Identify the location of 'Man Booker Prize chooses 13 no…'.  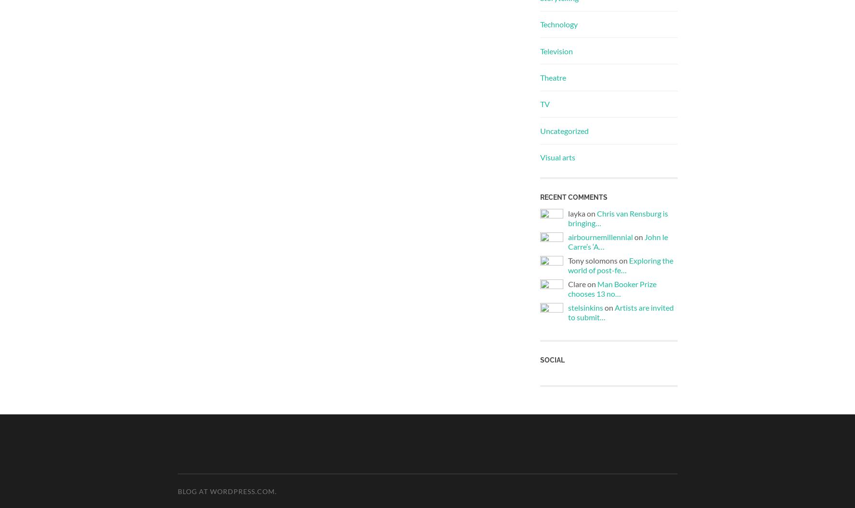
(612, 289).